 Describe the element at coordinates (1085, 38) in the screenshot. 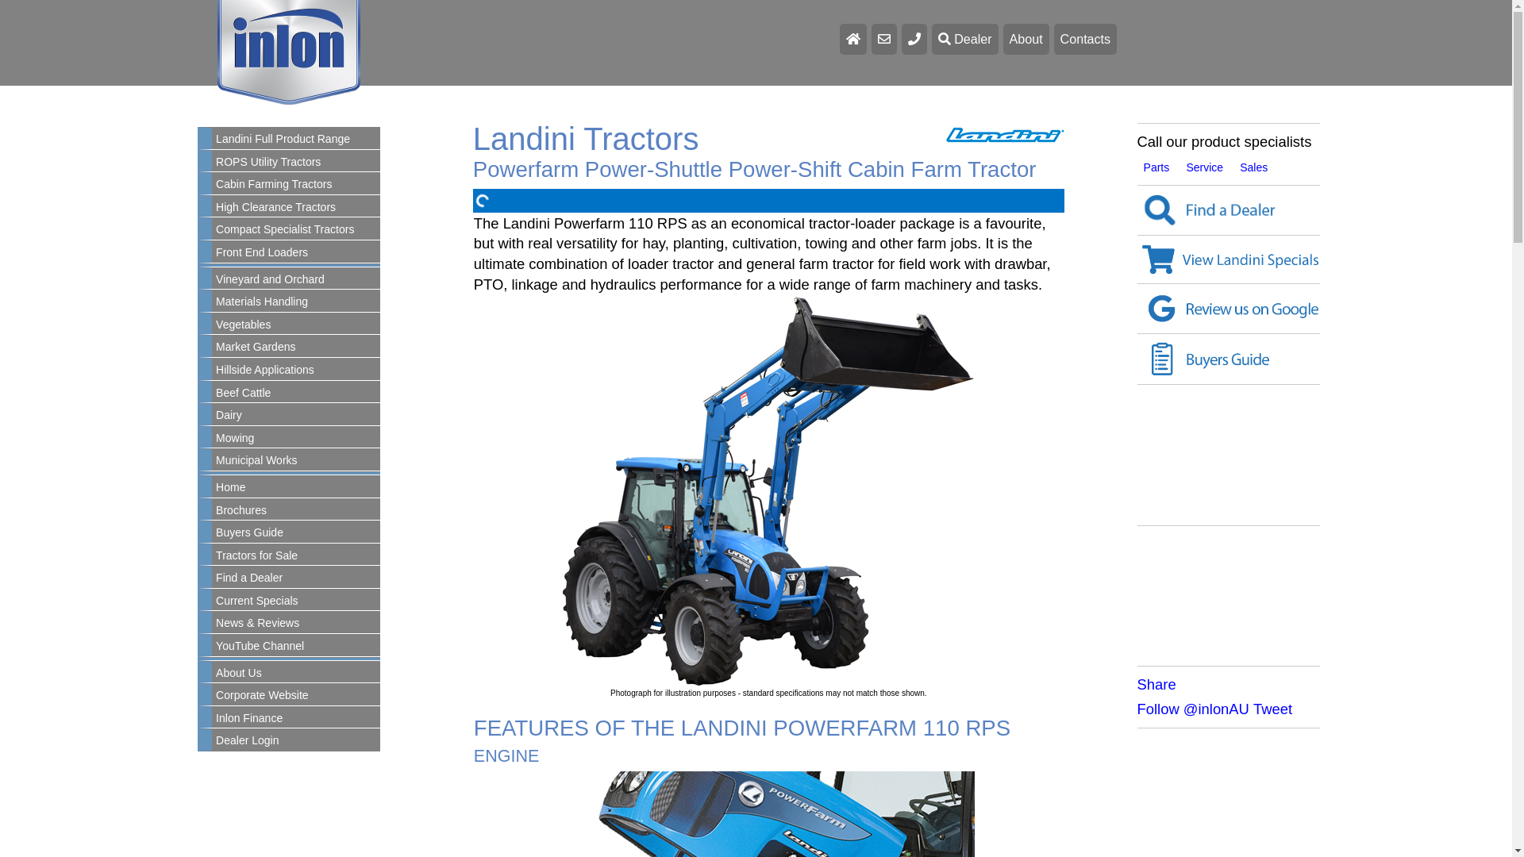

I see `'Contacts'` at that location.